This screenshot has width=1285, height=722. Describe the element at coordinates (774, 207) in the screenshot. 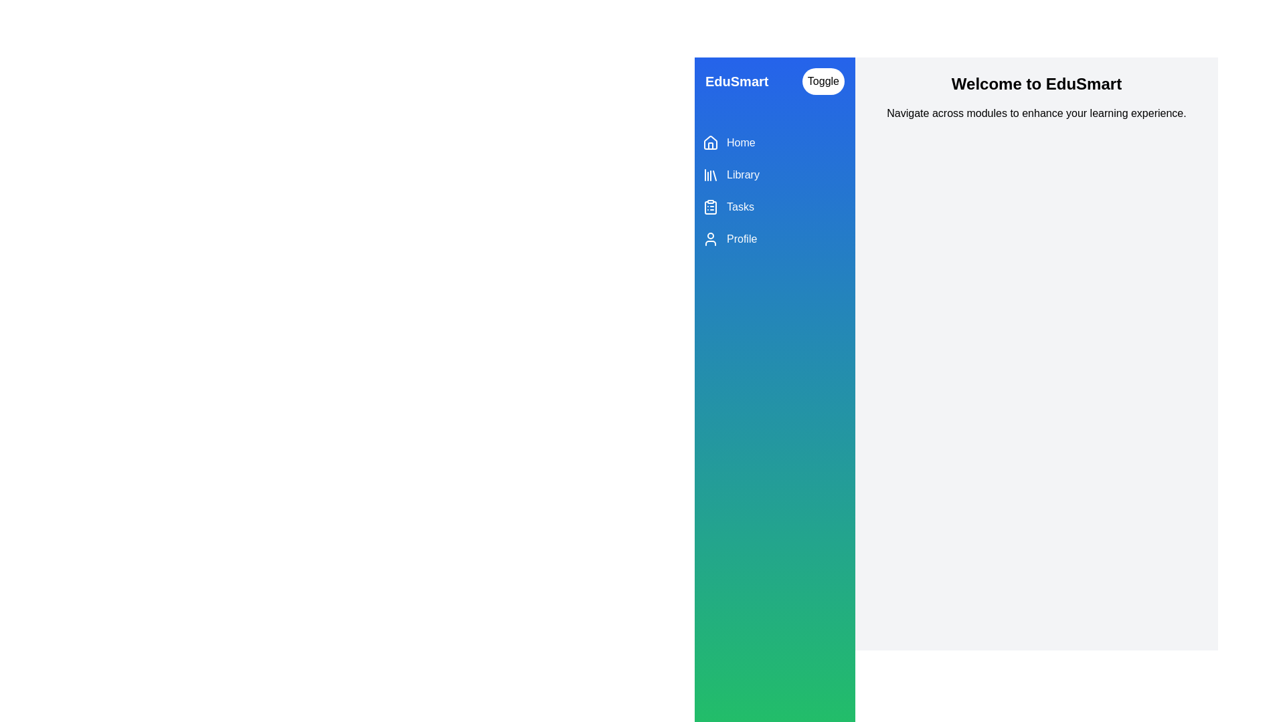

I see `the Tasks item in the drawer menu` at that location.